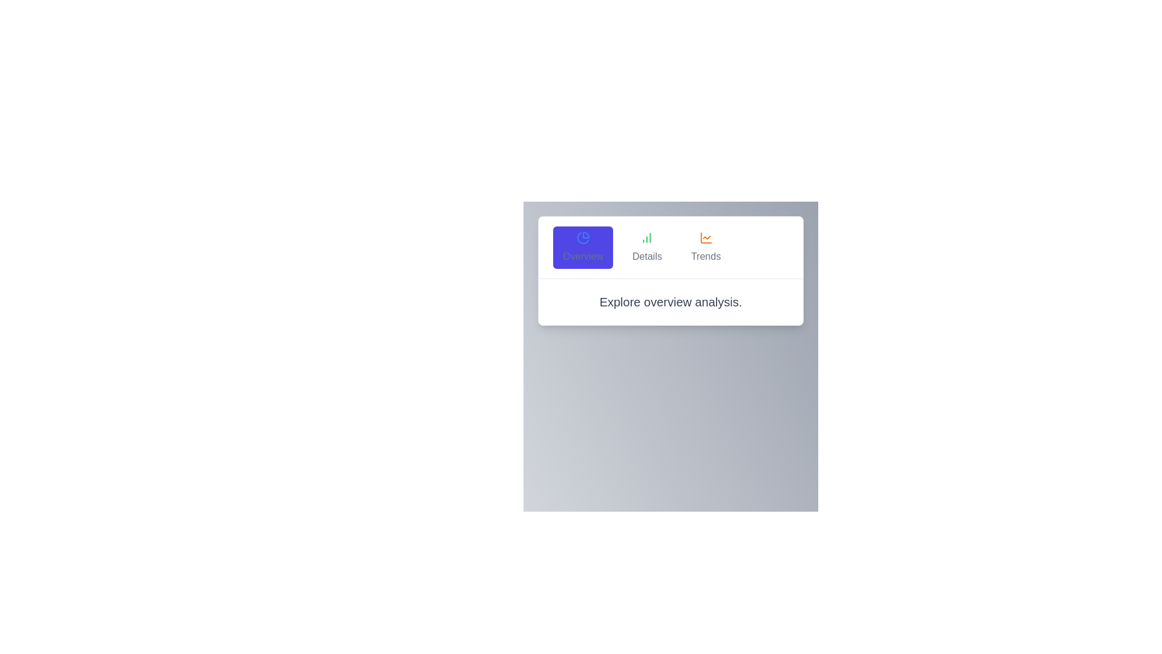 This screenshot has height=654, width=1162. Describe the element at coordinates (583, 246) in the screenshot. I see `the Overview tab to view its content` at that location.